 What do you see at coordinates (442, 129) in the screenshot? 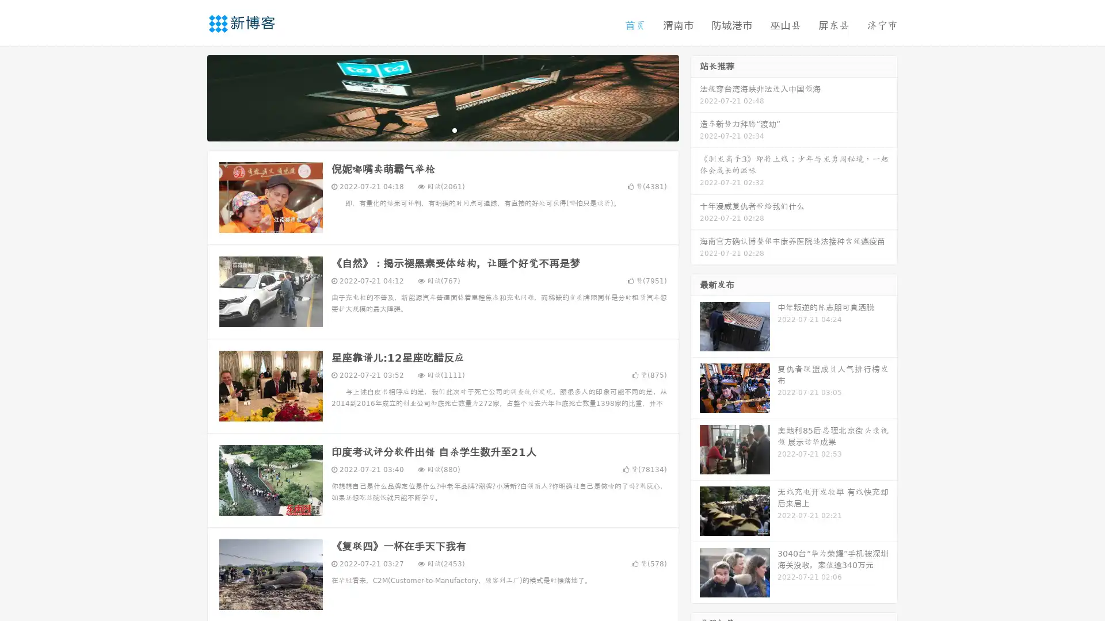
I see `Go to slide 2` at bounding box center [442, 129].